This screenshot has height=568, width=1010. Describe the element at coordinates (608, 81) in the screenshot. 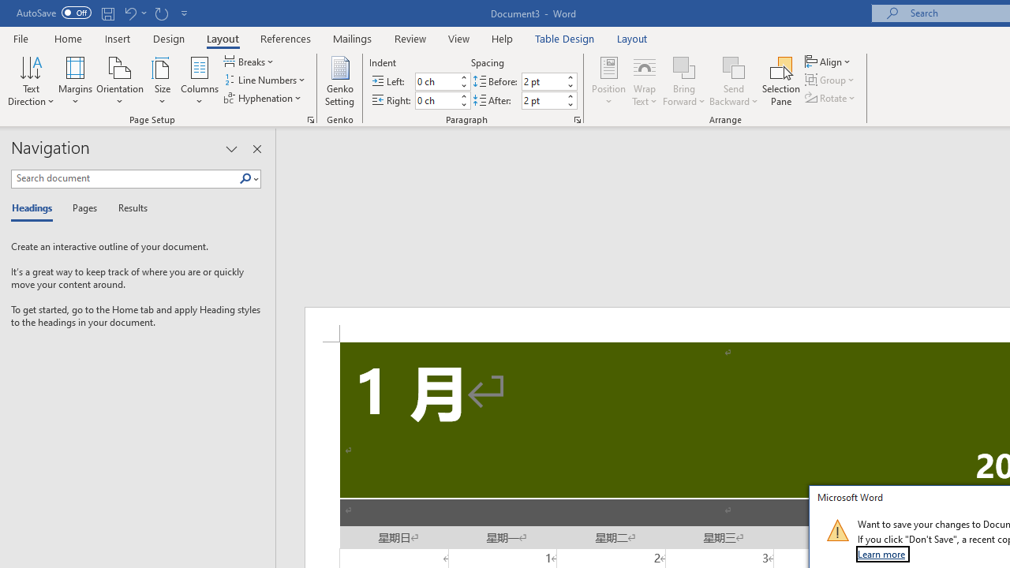

I see `'Position'` at that location.